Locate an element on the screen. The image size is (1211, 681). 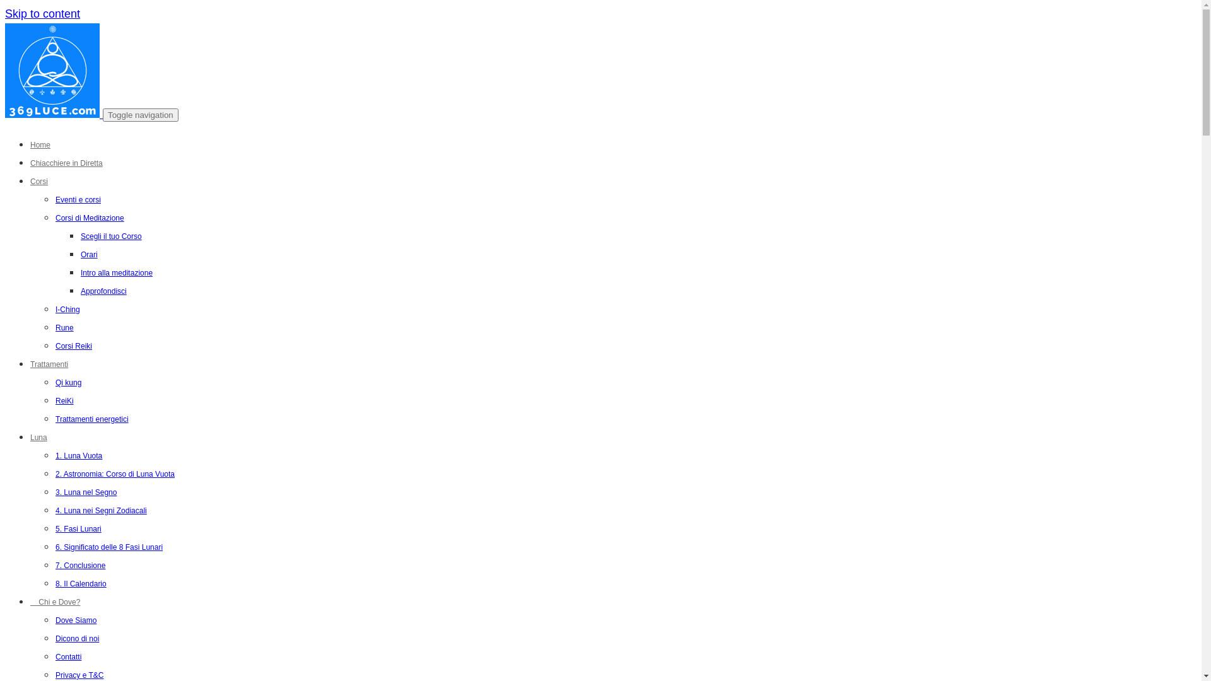
'Dicono di noi' is located at coordinates (76, 639).